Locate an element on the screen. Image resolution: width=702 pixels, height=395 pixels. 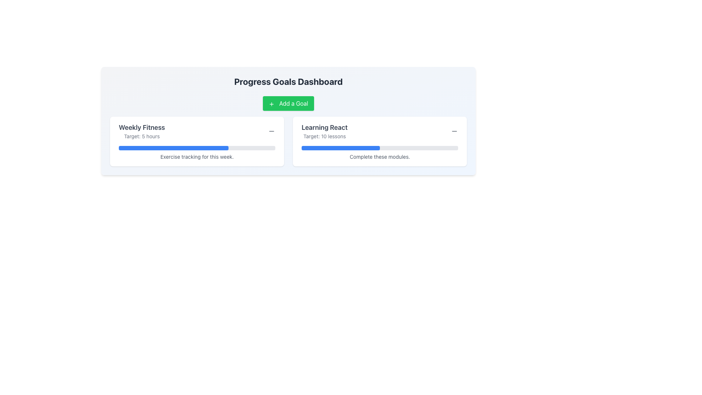
the static text label that reads 'Complete these modules.' located below the progress bar in the 'Learning React' card is located at coordinates (380, 156).